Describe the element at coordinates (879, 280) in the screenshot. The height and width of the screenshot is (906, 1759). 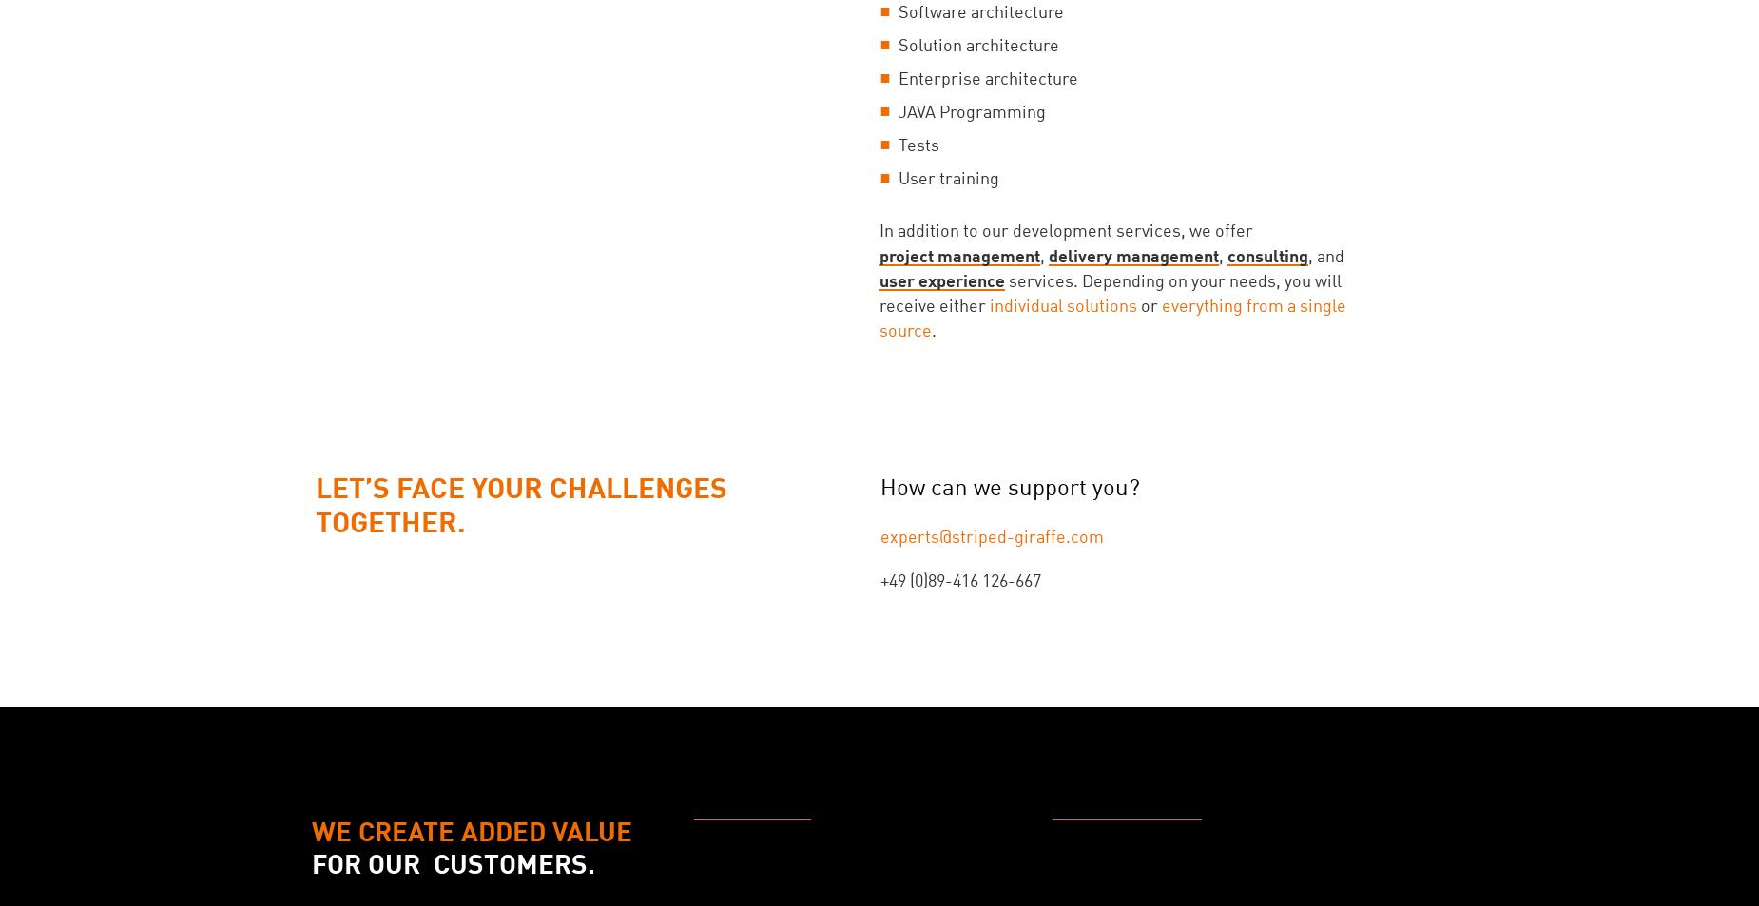
I see `'user experience'` at that location.